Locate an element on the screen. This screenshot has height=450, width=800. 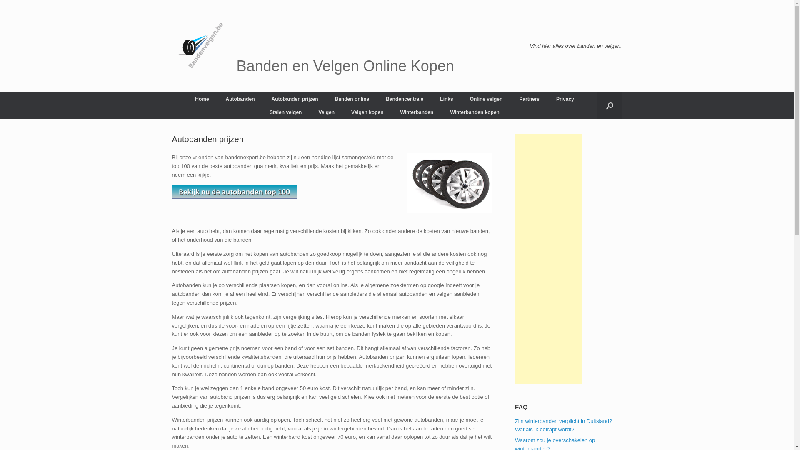
'Partners' is located at coordinates (529, 99).